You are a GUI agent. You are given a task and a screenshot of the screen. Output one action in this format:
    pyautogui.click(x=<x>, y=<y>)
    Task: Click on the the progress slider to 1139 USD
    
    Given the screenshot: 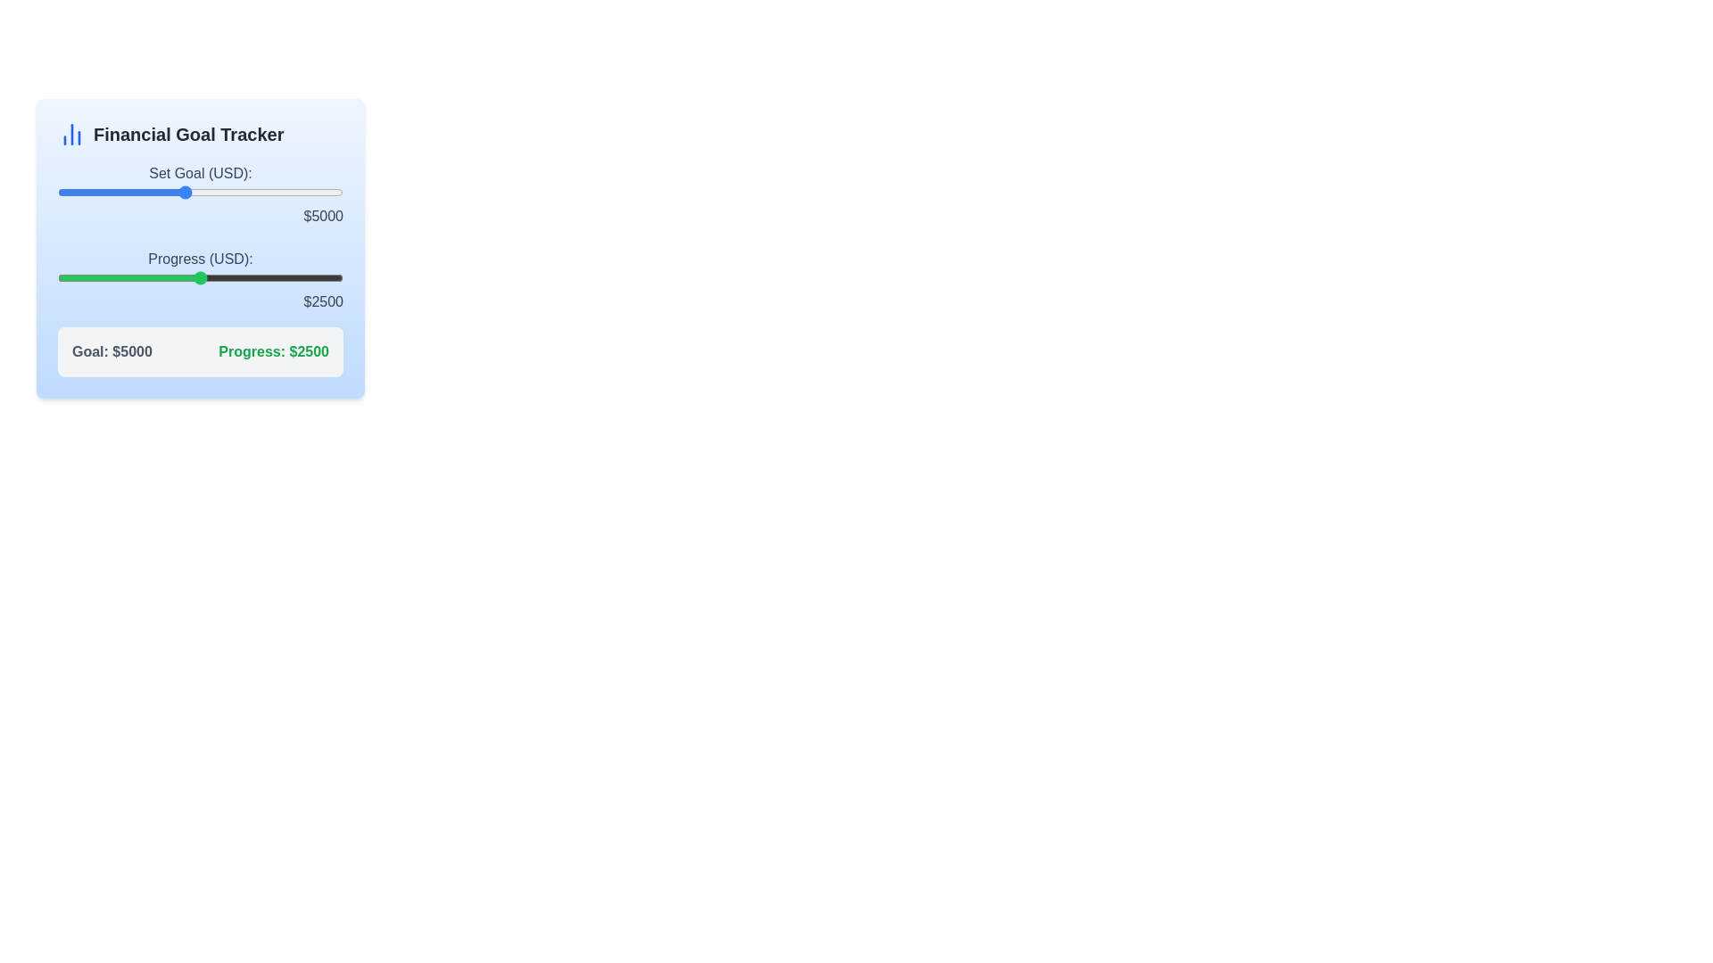 What is the action you would take?
    pyautogui.click(x=121, y=278)
    